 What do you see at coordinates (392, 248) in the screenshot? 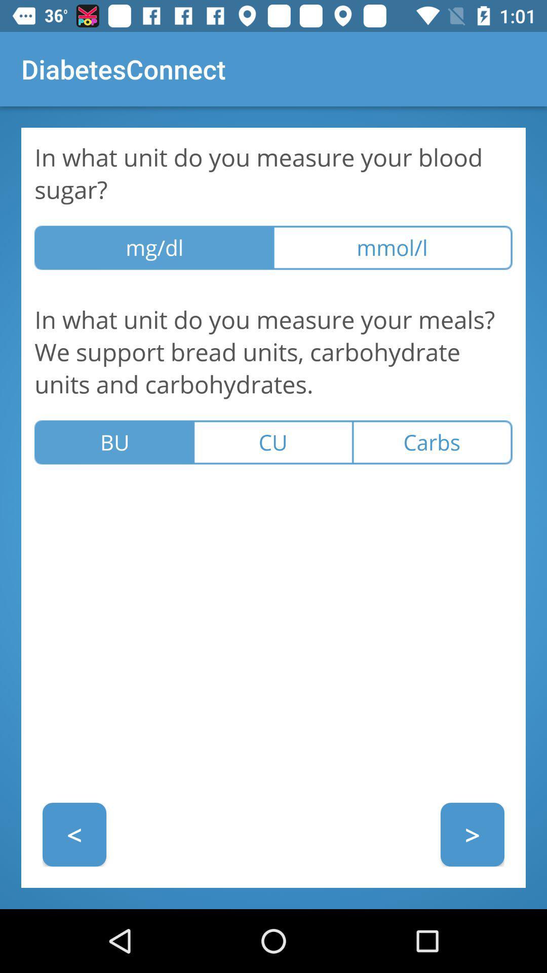
I see `icon above in what unit` at bounding box center [392, 248].